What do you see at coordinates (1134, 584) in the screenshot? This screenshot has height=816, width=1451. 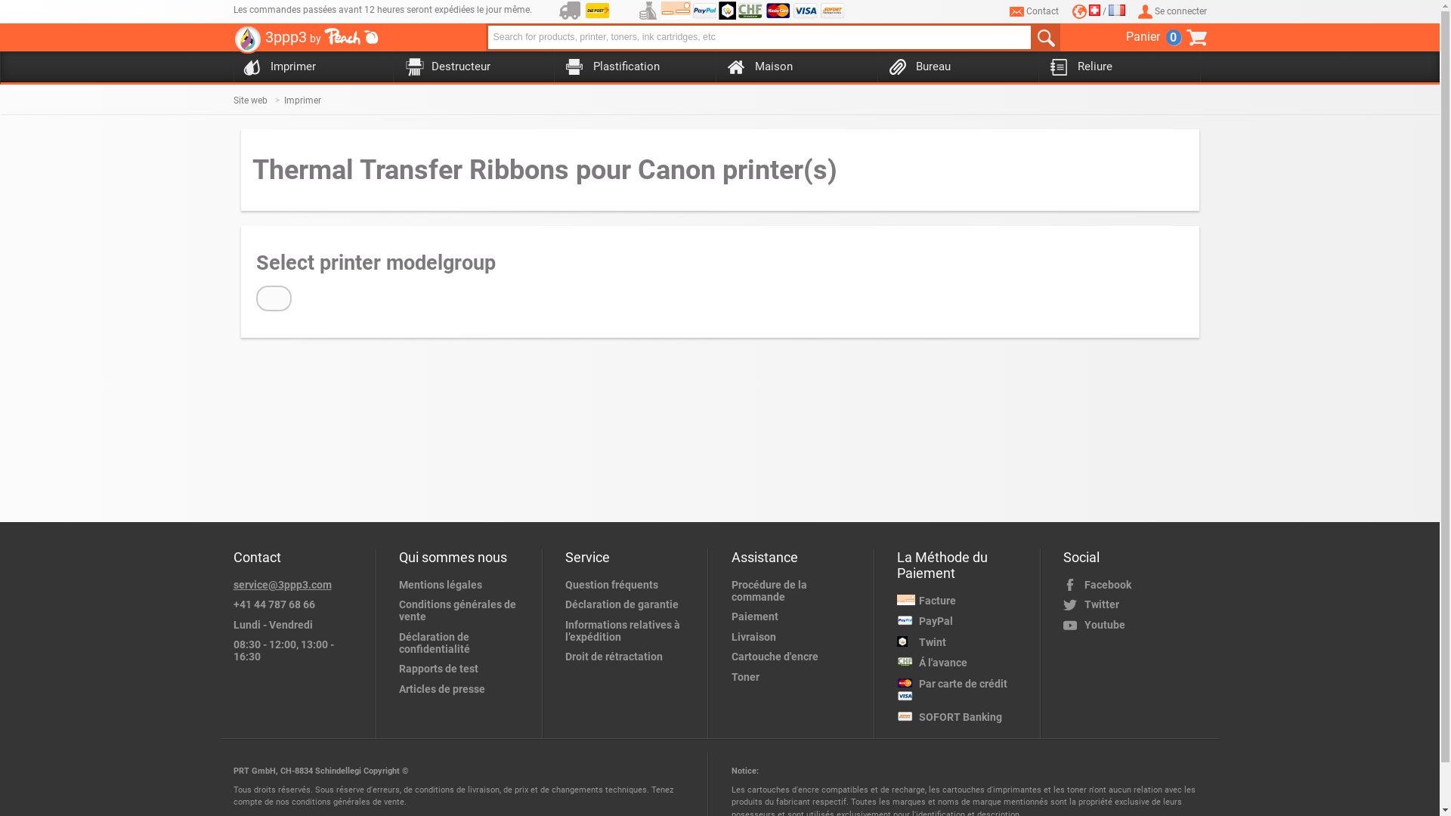 I see `'Facebook'` at bounding box center [1134, 584].